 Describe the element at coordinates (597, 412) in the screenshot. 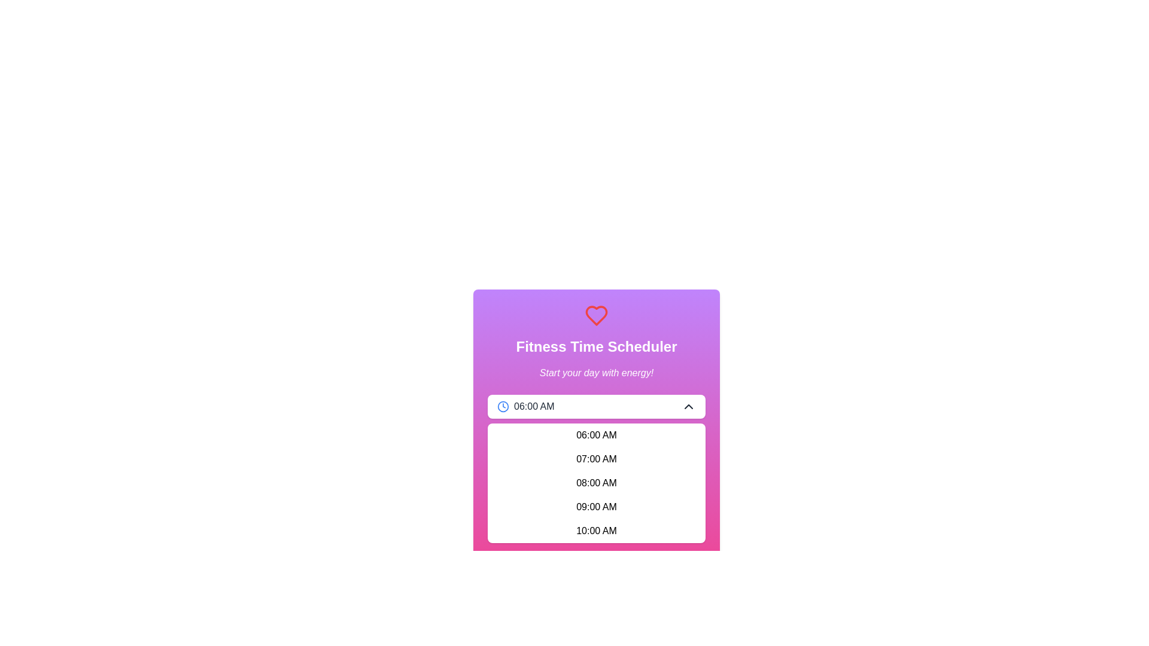

I see `a time option from the dropdown menu located in the center of the interface, which is set to '06:00 AM'` at that location.